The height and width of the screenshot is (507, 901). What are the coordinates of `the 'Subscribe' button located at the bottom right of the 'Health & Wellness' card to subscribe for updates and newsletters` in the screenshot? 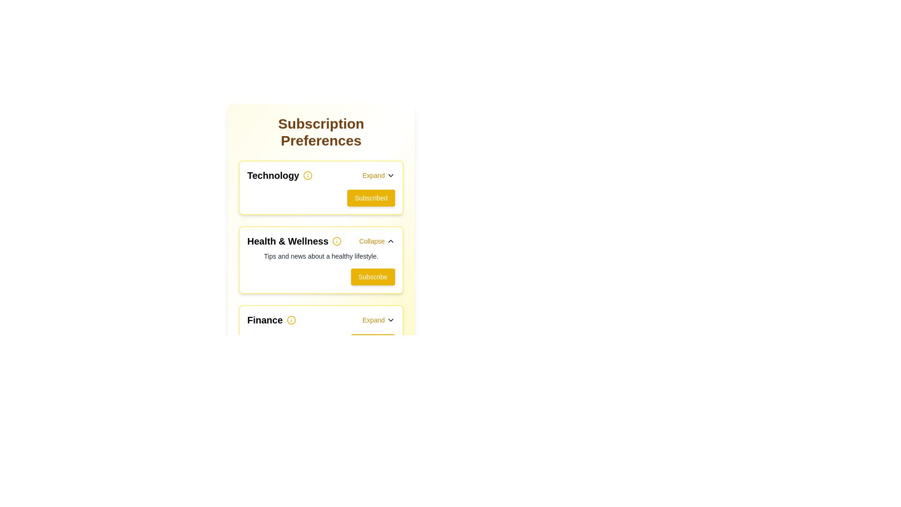 It's located at (321, 277).